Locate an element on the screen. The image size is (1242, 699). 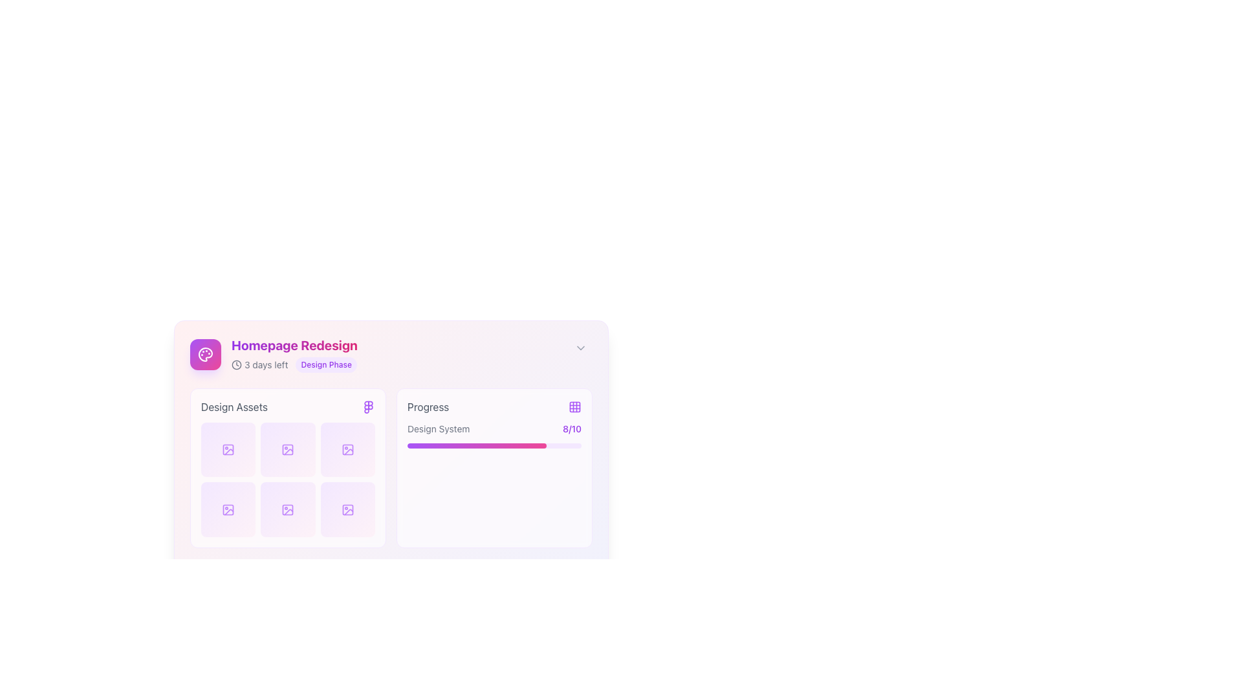
the icon button representing the project or task associated with 'Homepage Redesign', which is positioned to the left of the text within its section is located at coordinates (204, 354).